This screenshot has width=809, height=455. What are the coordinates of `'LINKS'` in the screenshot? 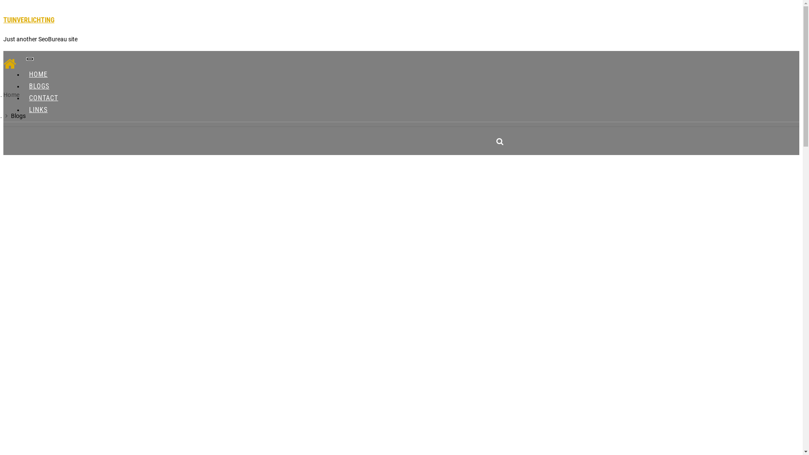 It's located at (38, 109).